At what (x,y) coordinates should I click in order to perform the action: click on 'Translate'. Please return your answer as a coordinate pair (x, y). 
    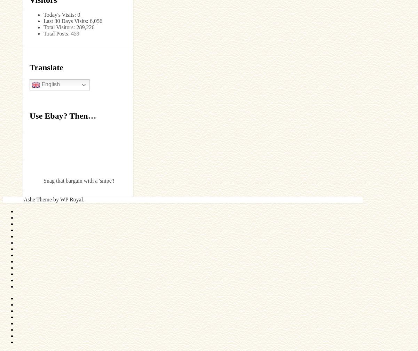
    Looking at the image, I should click on (46, 67).